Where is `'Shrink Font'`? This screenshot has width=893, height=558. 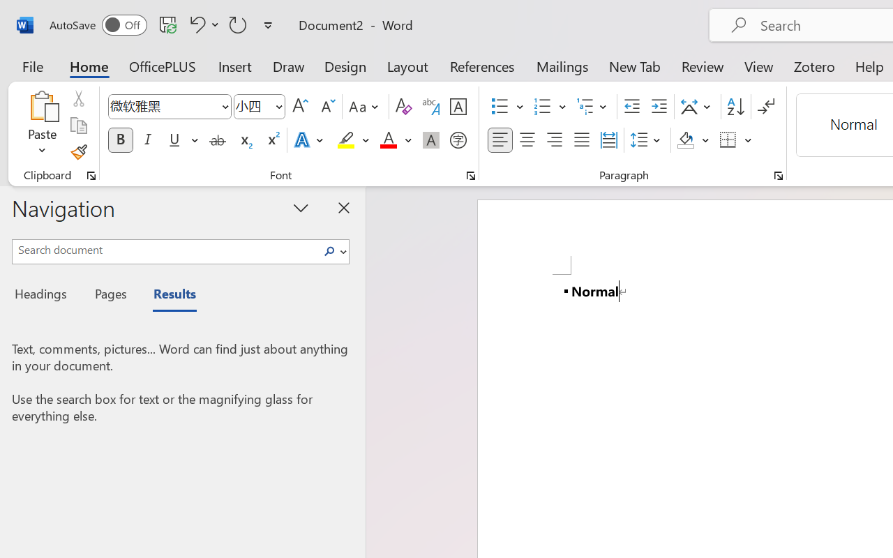
'Shrink Font' is located at coordinates (326, 107).